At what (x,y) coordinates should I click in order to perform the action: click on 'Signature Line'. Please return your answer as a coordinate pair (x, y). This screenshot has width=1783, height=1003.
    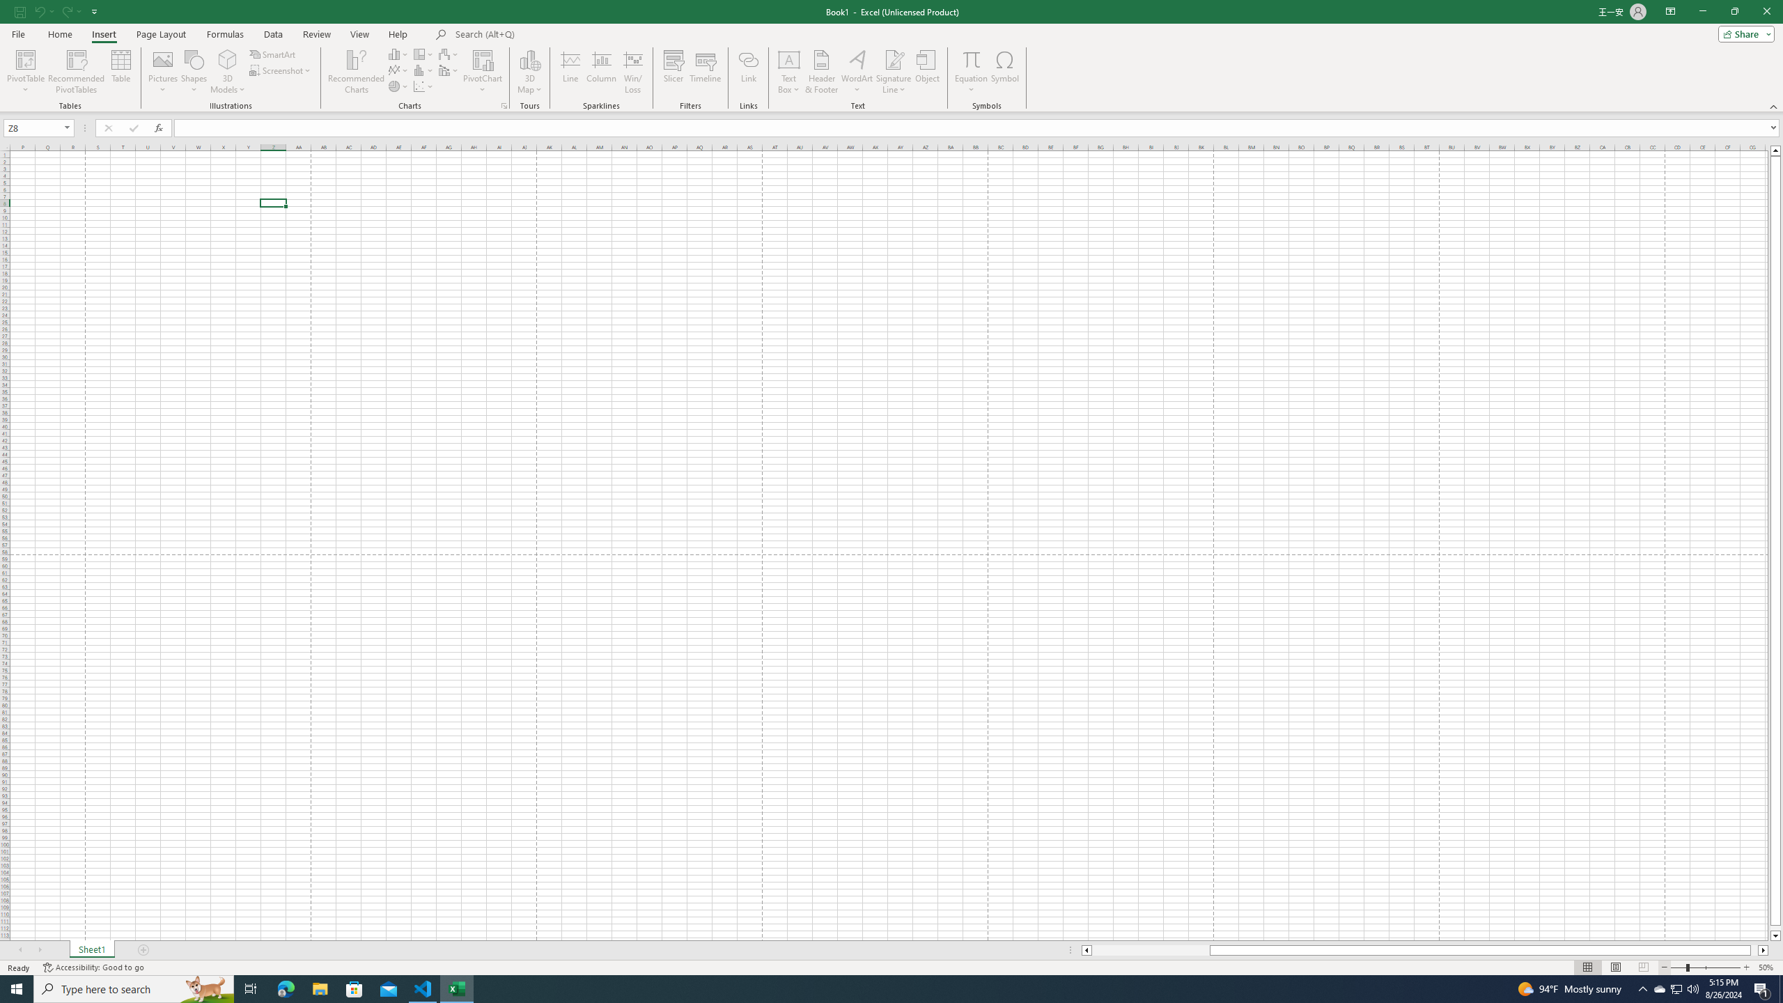
    Looking at the image, I should click on (894, 72).